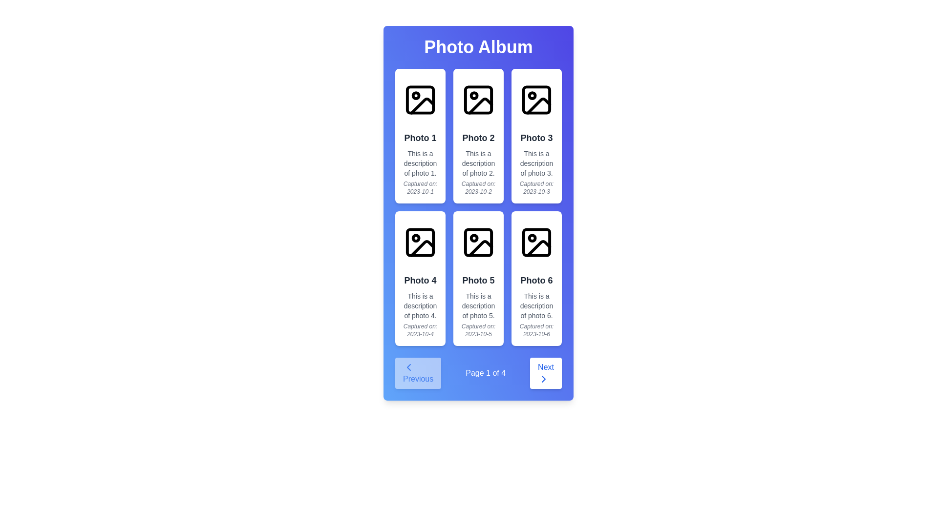  I want to click on the SVG icon depicting a left-pointing chevron inside the 'Previous' button located in the lower-left section of the interface, so click(408, 367).